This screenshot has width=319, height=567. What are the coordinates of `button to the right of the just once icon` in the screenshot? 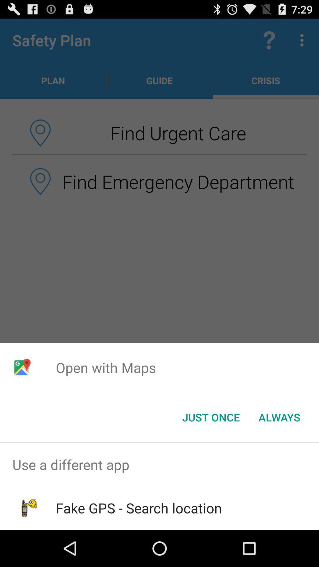 It's located at (279, 417).